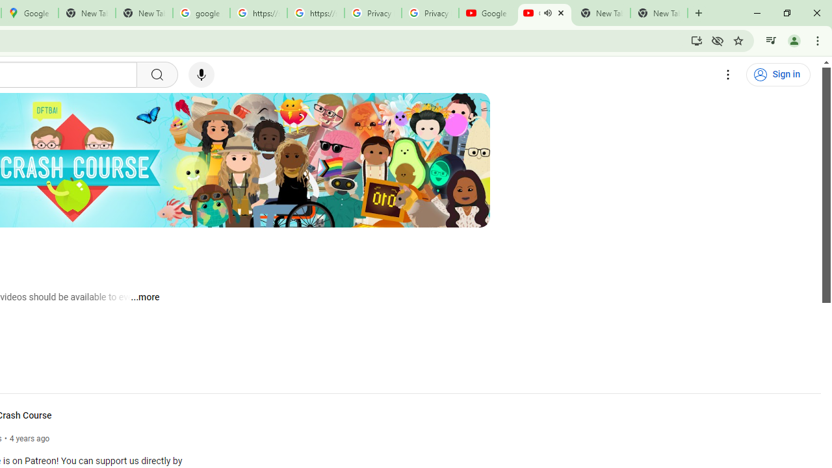 The image size is (832, 468). Describe the element at coordinates (487, 13) in the screenshot. I see `'Google - YouTube'` at that location.